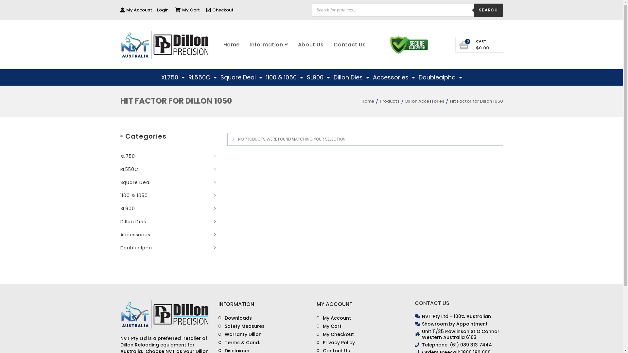 This screenshot has width=628, height=353. I want to click on 'Home', so click(232, 44).